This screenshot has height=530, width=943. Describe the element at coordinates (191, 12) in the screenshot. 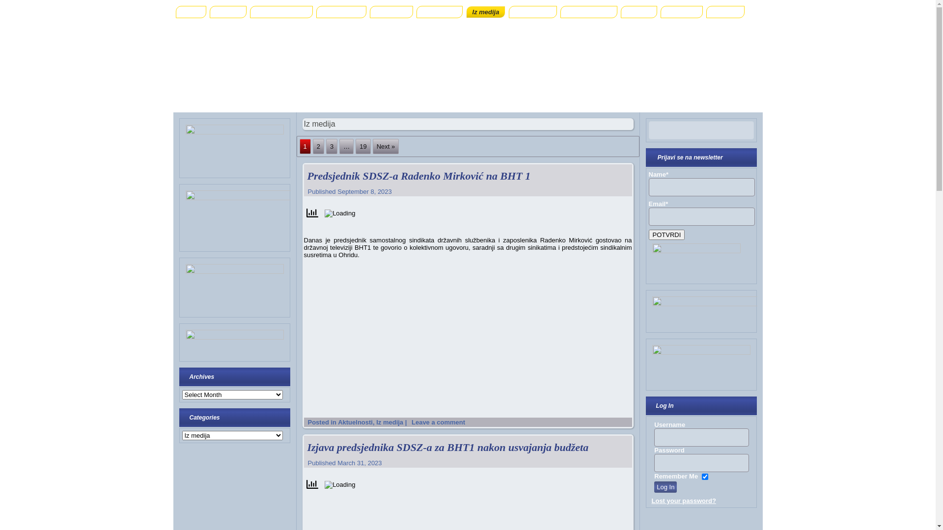

I see `'Home'` at that location.